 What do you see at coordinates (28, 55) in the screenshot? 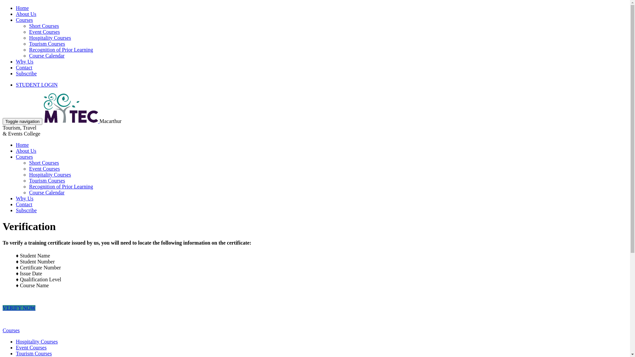
I see `'Course Calendar'` at bounding box center [28, 55].